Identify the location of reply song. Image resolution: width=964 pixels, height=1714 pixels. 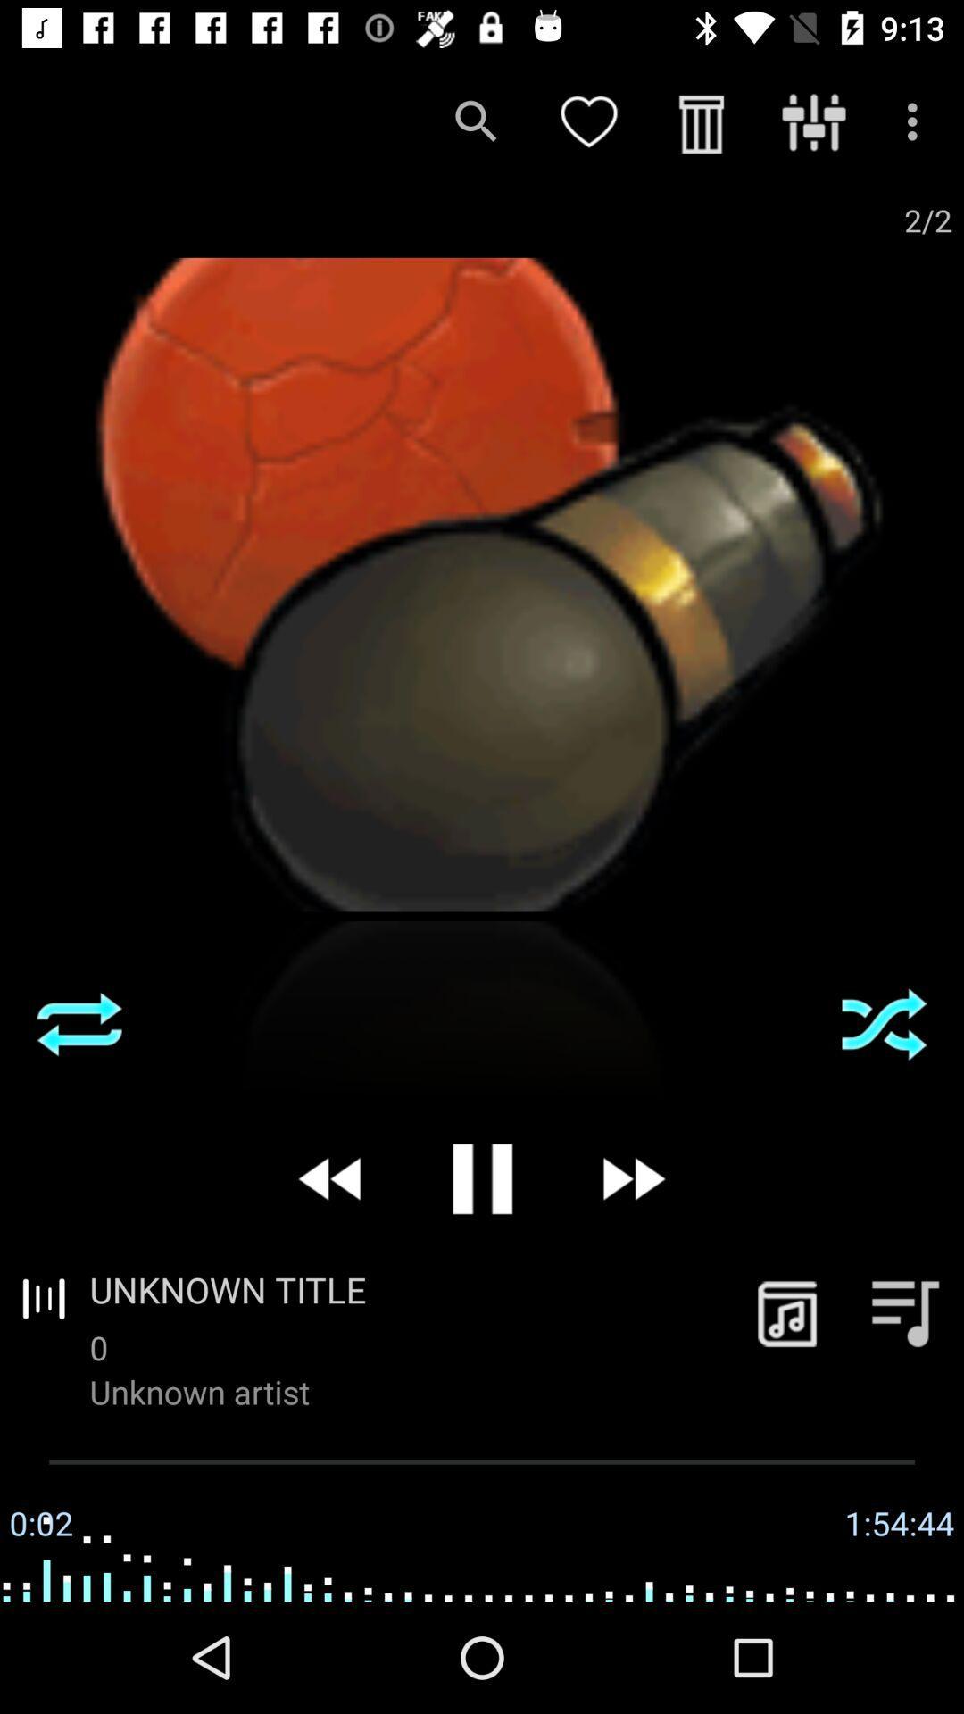
(79, 1024).